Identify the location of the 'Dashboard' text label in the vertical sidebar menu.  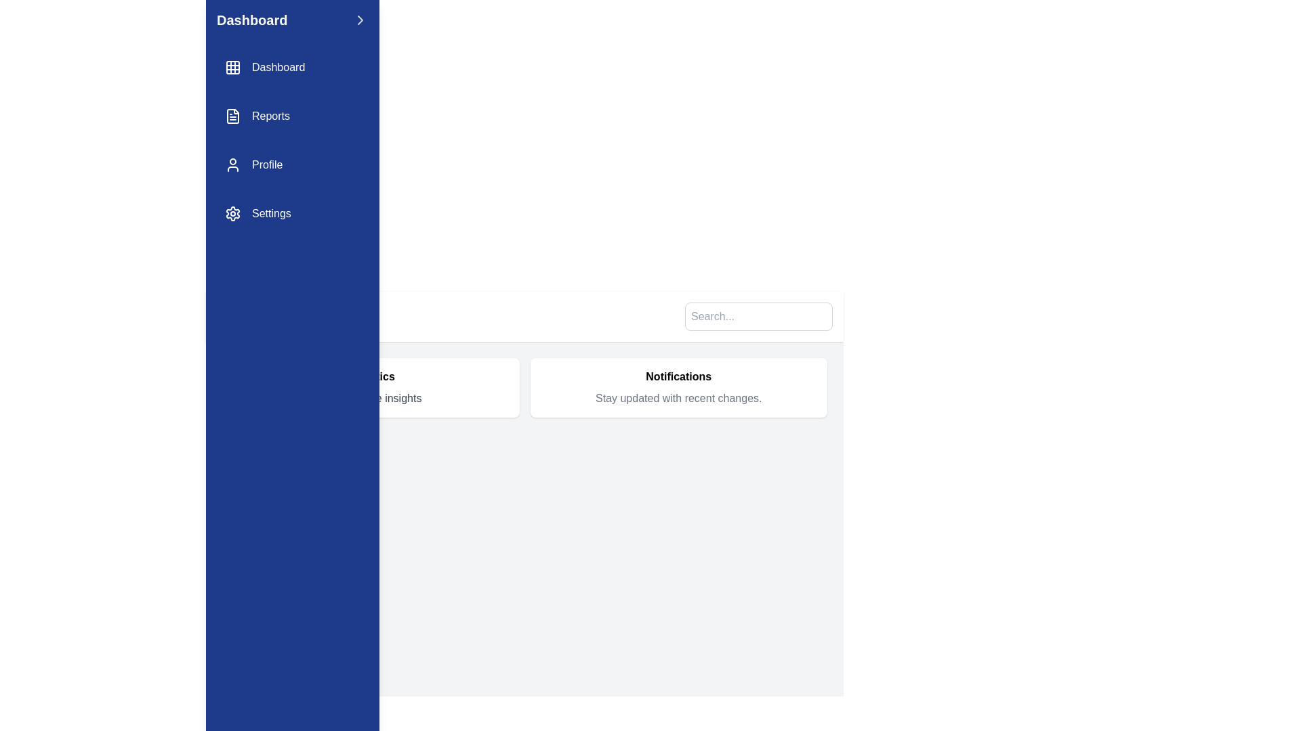
(278, 68).